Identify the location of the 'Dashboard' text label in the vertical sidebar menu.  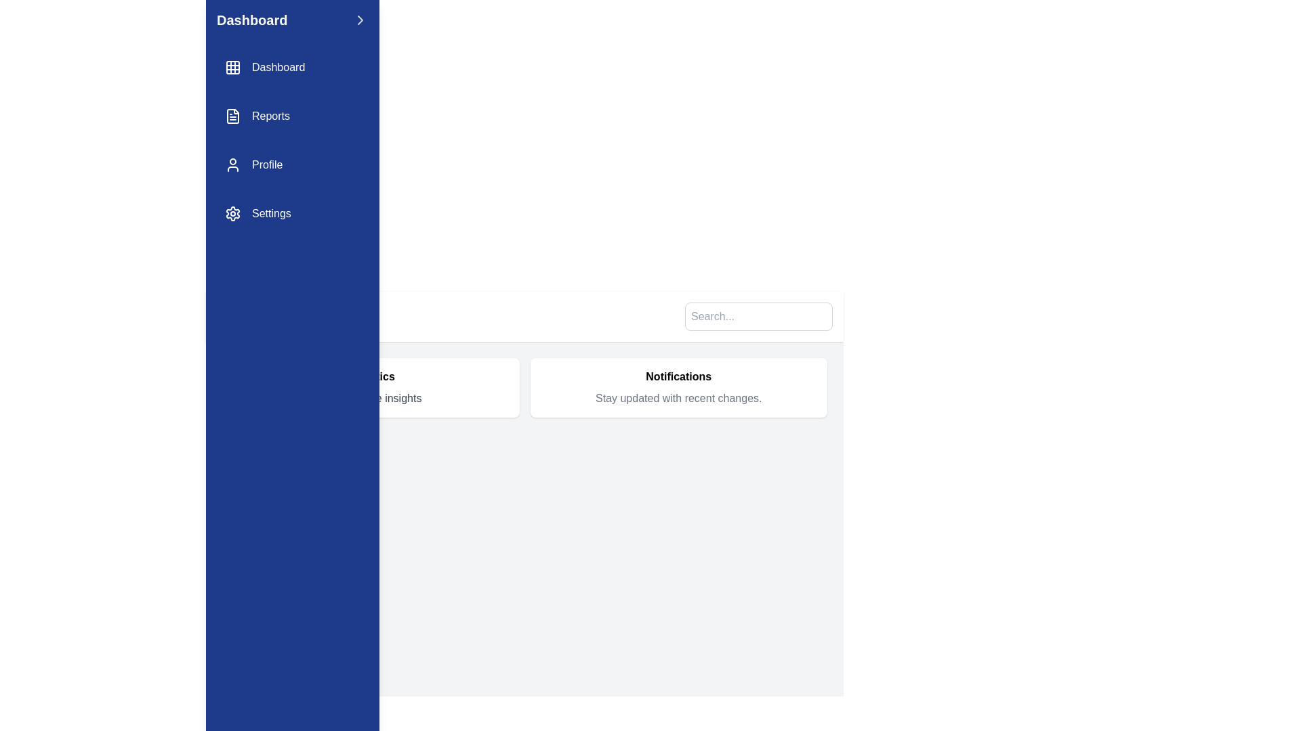
(278, 68).